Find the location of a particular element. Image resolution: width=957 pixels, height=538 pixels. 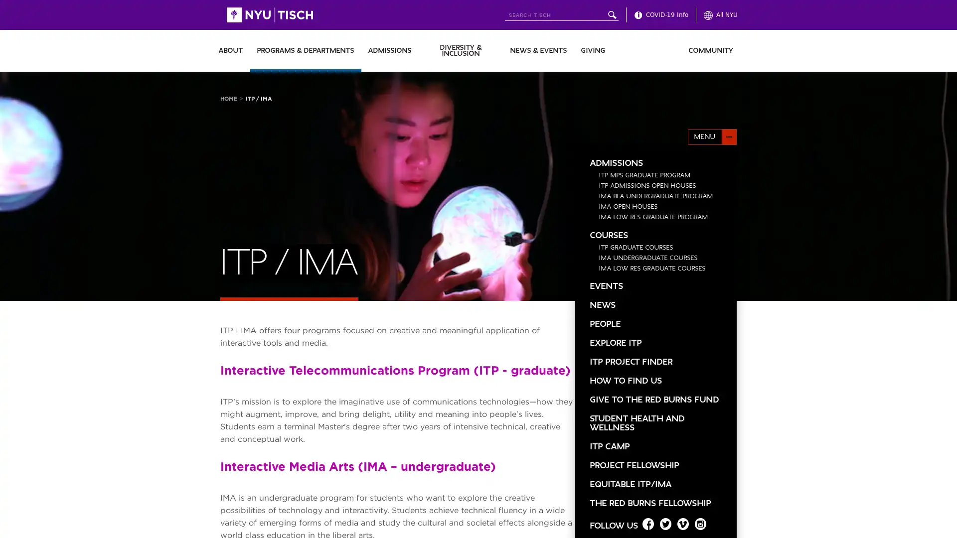

Search is located at coordinates (611, 15).